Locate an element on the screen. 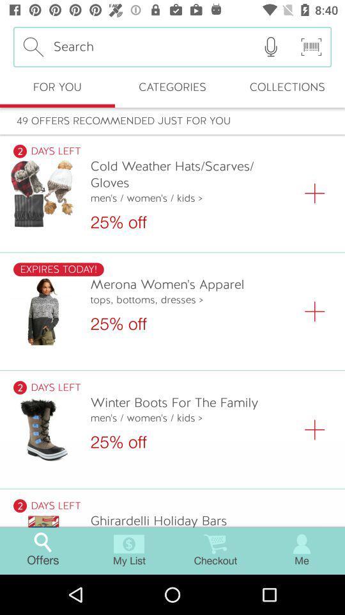 This screenshot has height=615, width=345. the image which is below expires today is located at coordinates (43, 311).